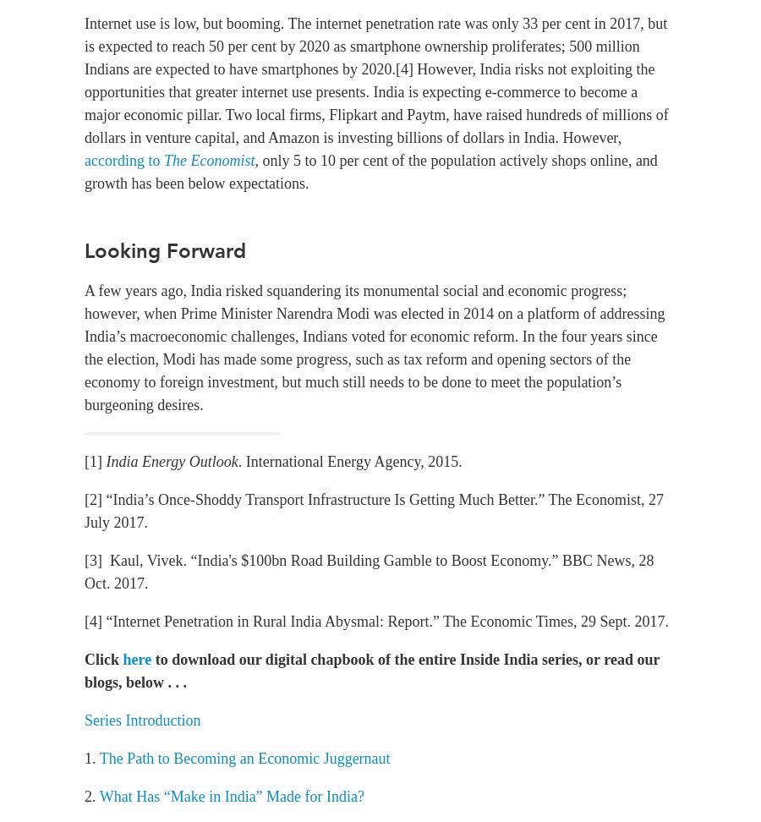  What do you see at coordinates (83, 670) in the screenshot?
I see `'to download our digital chapbook of the entire Inside India series, or read our blogs, below . . .'` at bounding box center [83, 670].